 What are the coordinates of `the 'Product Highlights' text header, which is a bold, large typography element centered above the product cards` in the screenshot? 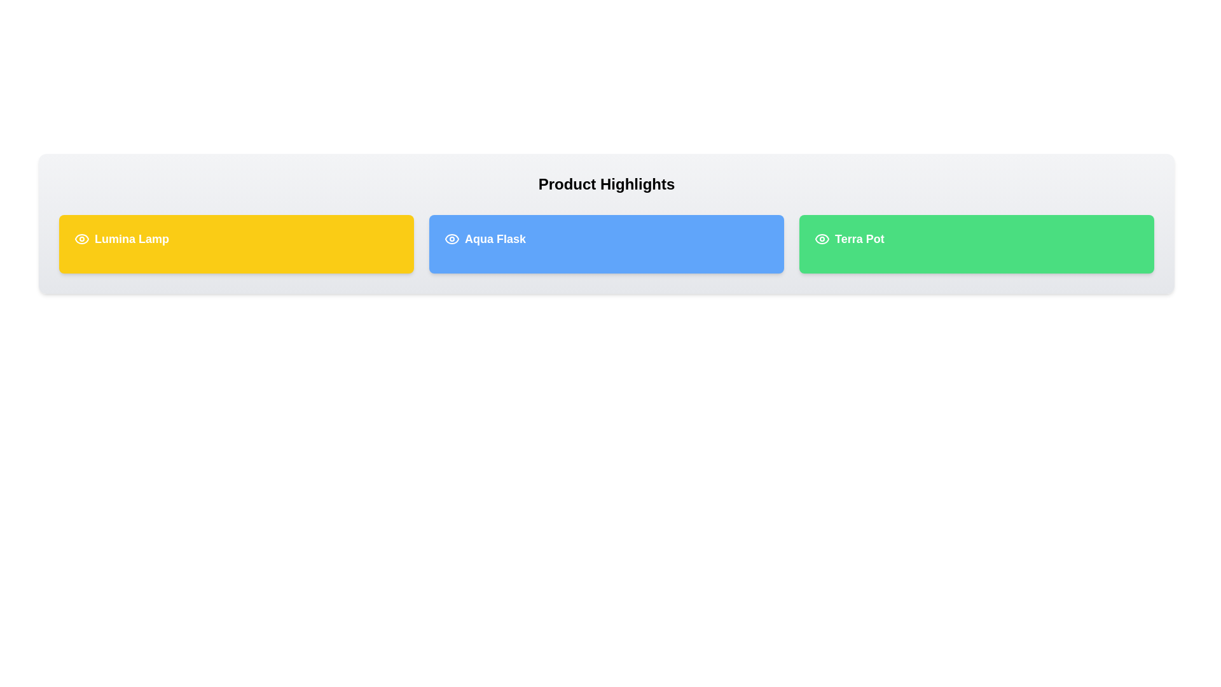 It's located at (606, 184).